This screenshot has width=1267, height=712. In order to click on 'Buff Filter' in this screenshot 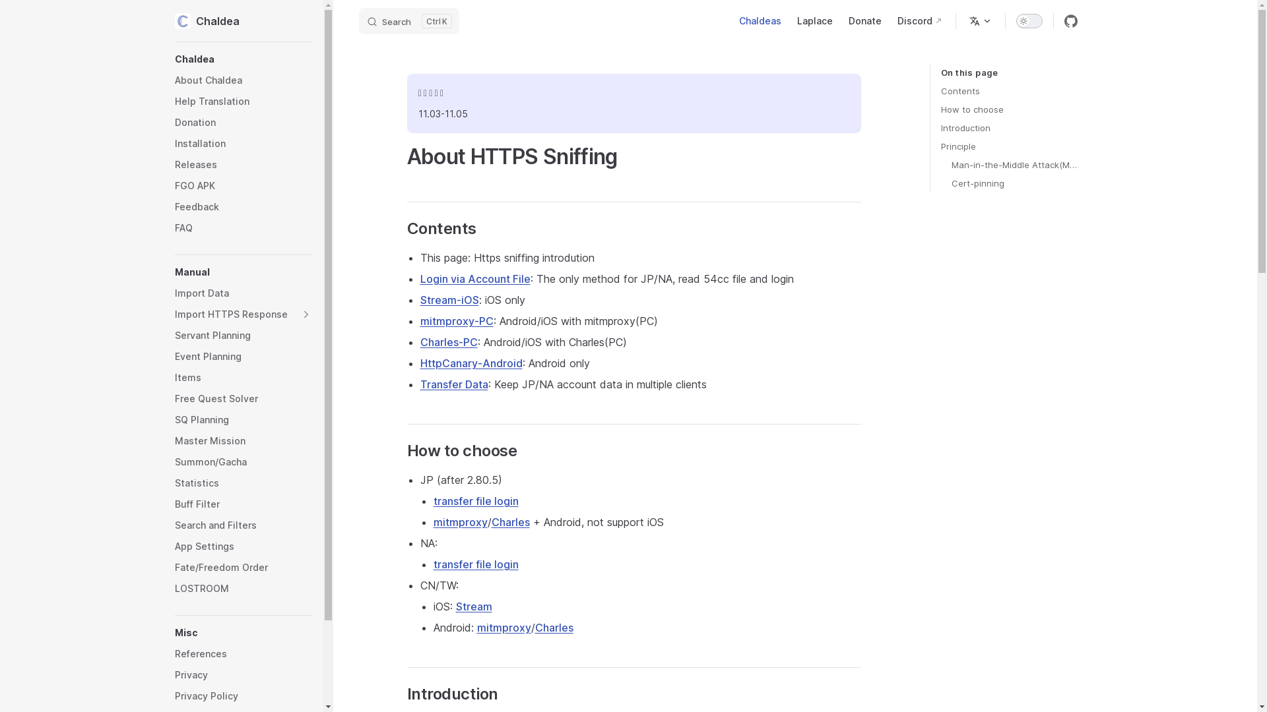, I will do `click(243, 504)`.